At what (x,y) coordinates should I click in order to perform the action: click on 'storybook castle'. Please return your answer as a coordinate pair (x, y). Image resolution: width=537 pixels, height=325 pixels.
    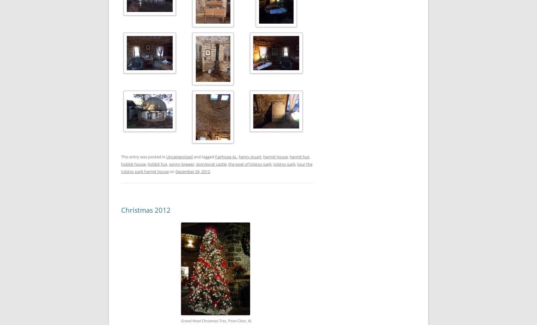
    Looking at the image, I should click on (211, 163).